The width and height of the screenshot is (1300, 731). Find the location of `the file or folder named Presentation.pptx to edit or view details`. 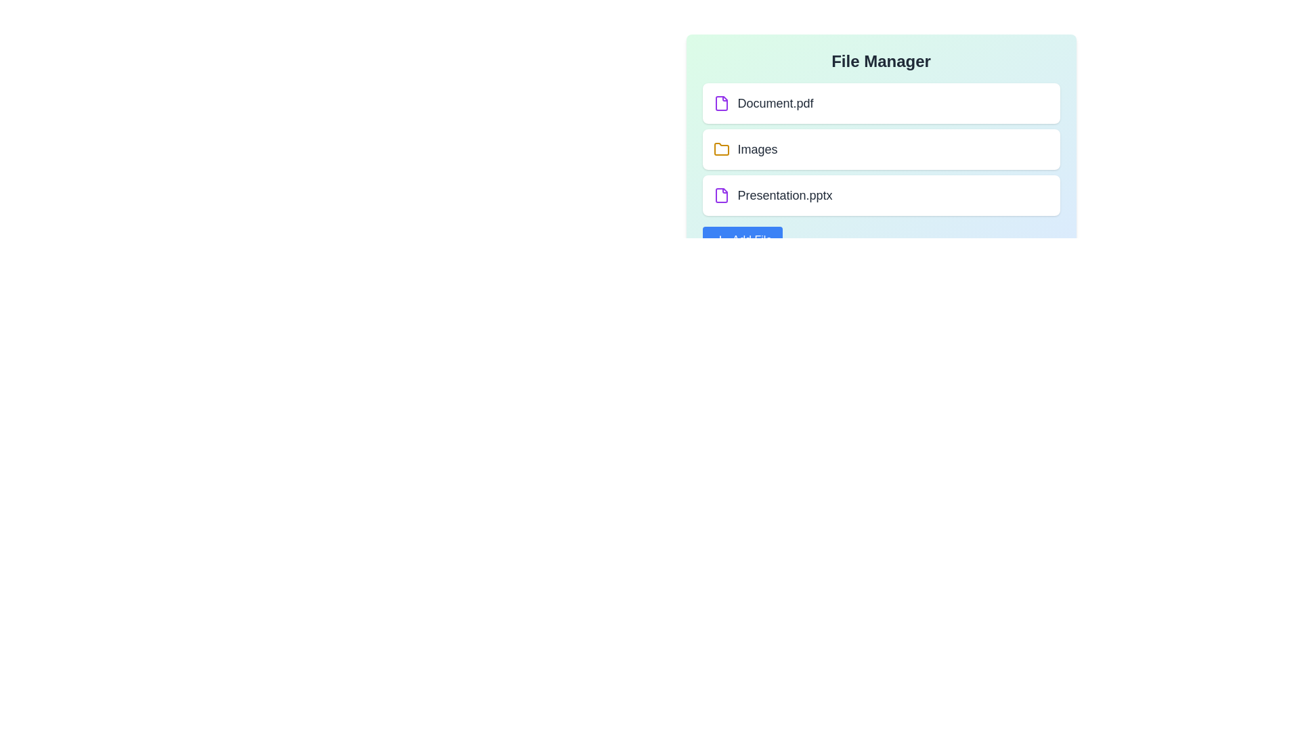

the file or folder named Presentation.pptx to edit or view details is located at coordinates (881, 196).